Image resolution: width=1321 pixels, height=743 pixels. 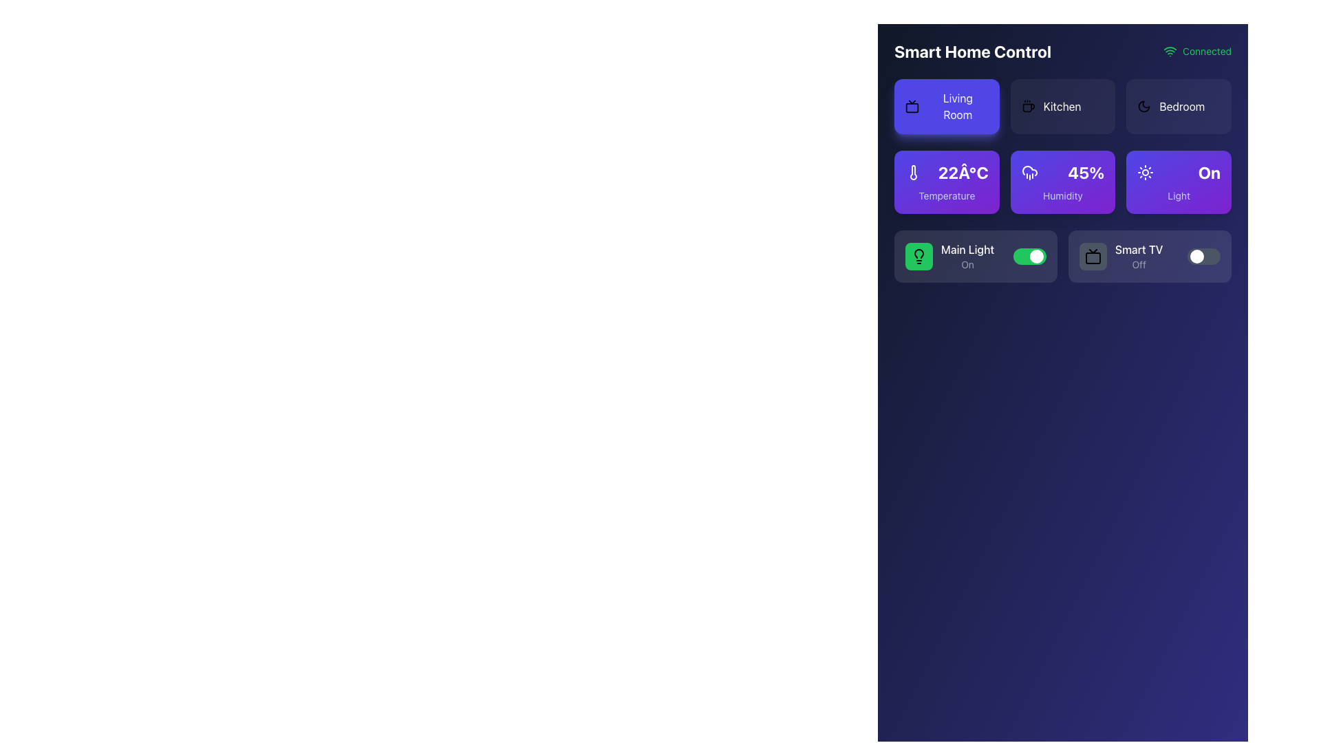 What do you see at coordinates (1092, 257) in the screenshot?
I see `the Decorative icon that symbolizes the 'Smart TV' feature, located in the lower-right area of the interface within the 'Smart TV' UI card` at bounding box center [1092, 257].